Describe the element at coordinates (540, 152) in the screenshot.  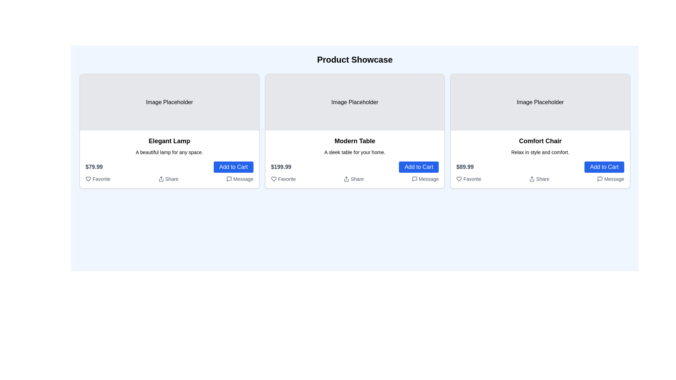
I see `the Text label that provides additional details about the product, positioned below the 'Comfort Chair' title within the product card layout` at that location.